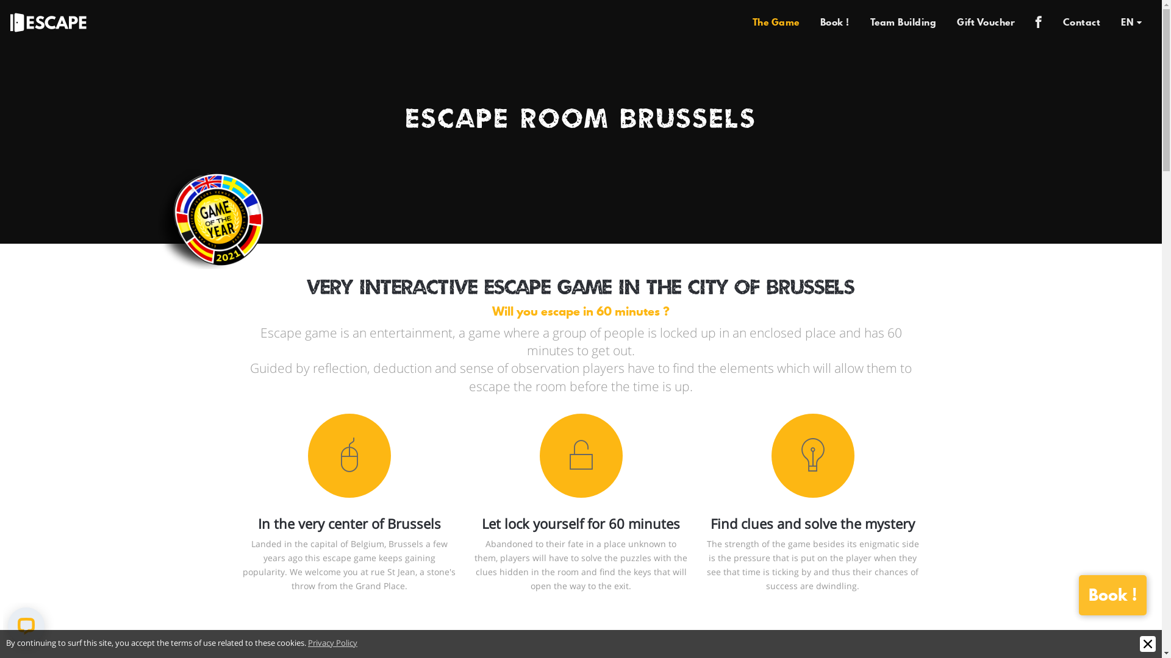 The height and width of the screenshot is (658, 1171). I want to click on 'Contact', so click(1082, 21).